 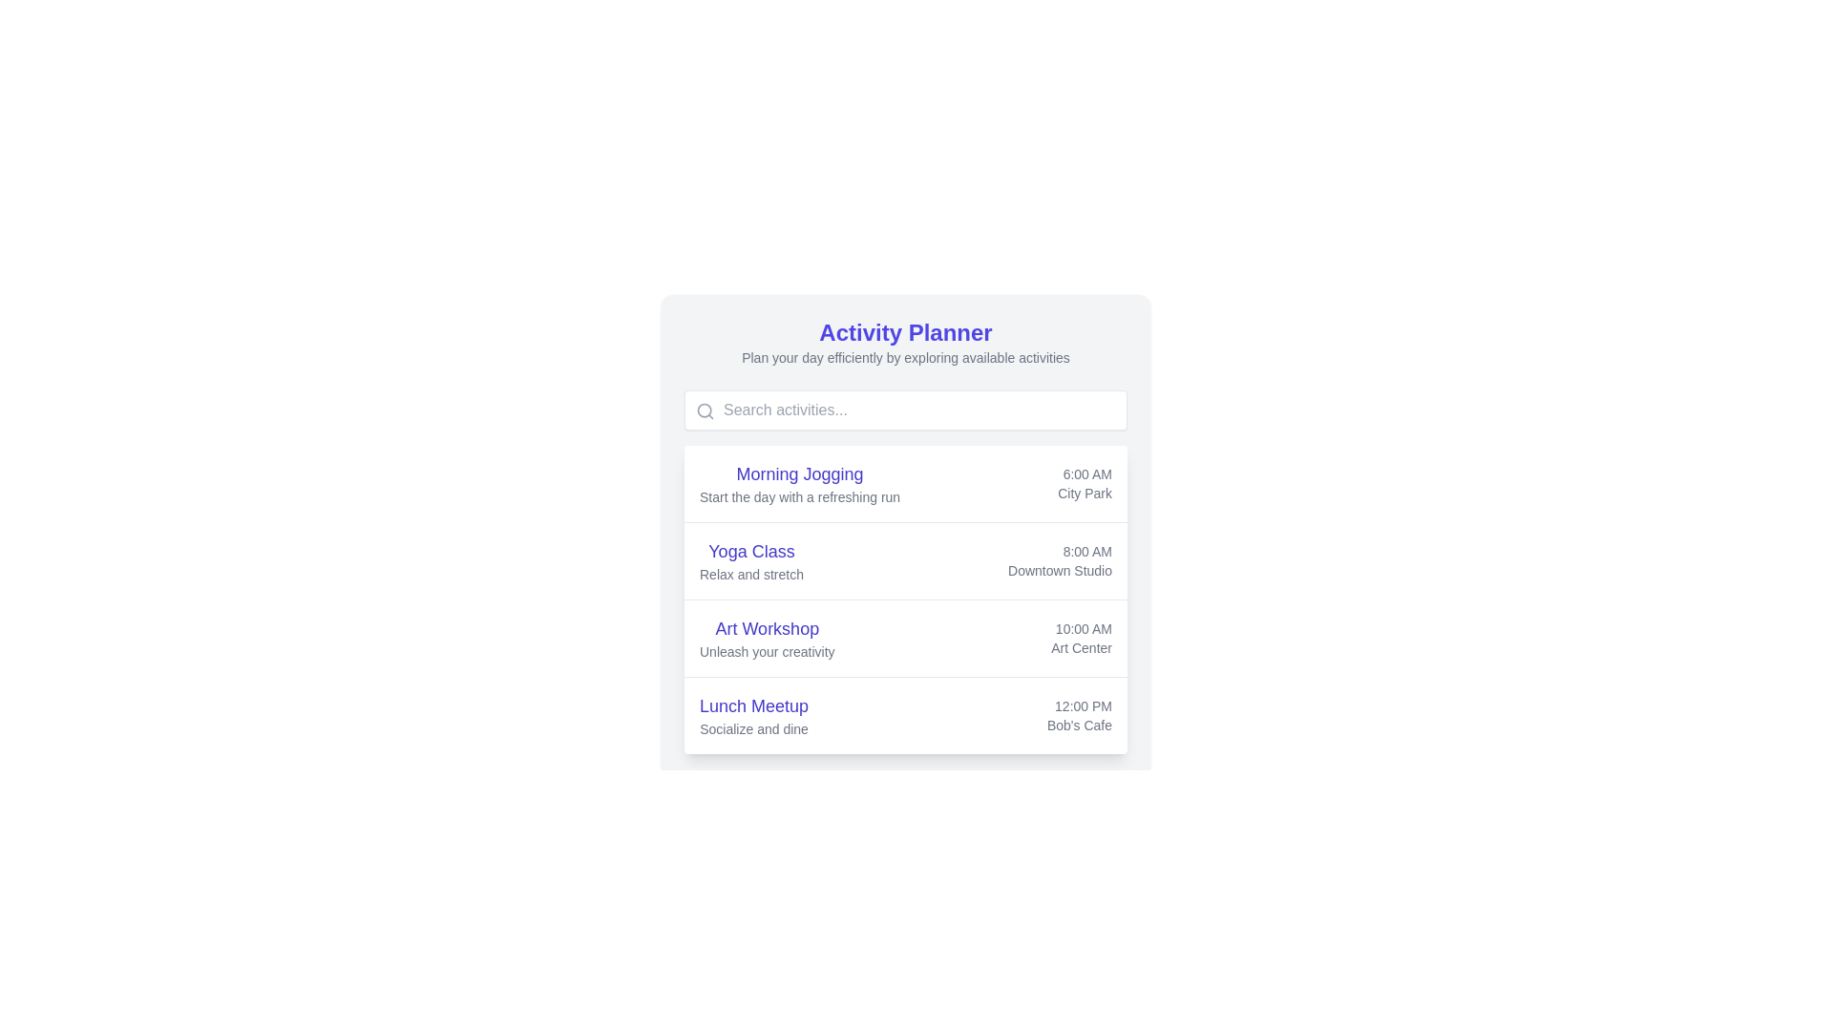 I want to click on the prominently styled text heading 'Activity Planner' which is displayed in a bold, large-sized, indigo-colored font at the top of the interface, so click(x=905, y=331).